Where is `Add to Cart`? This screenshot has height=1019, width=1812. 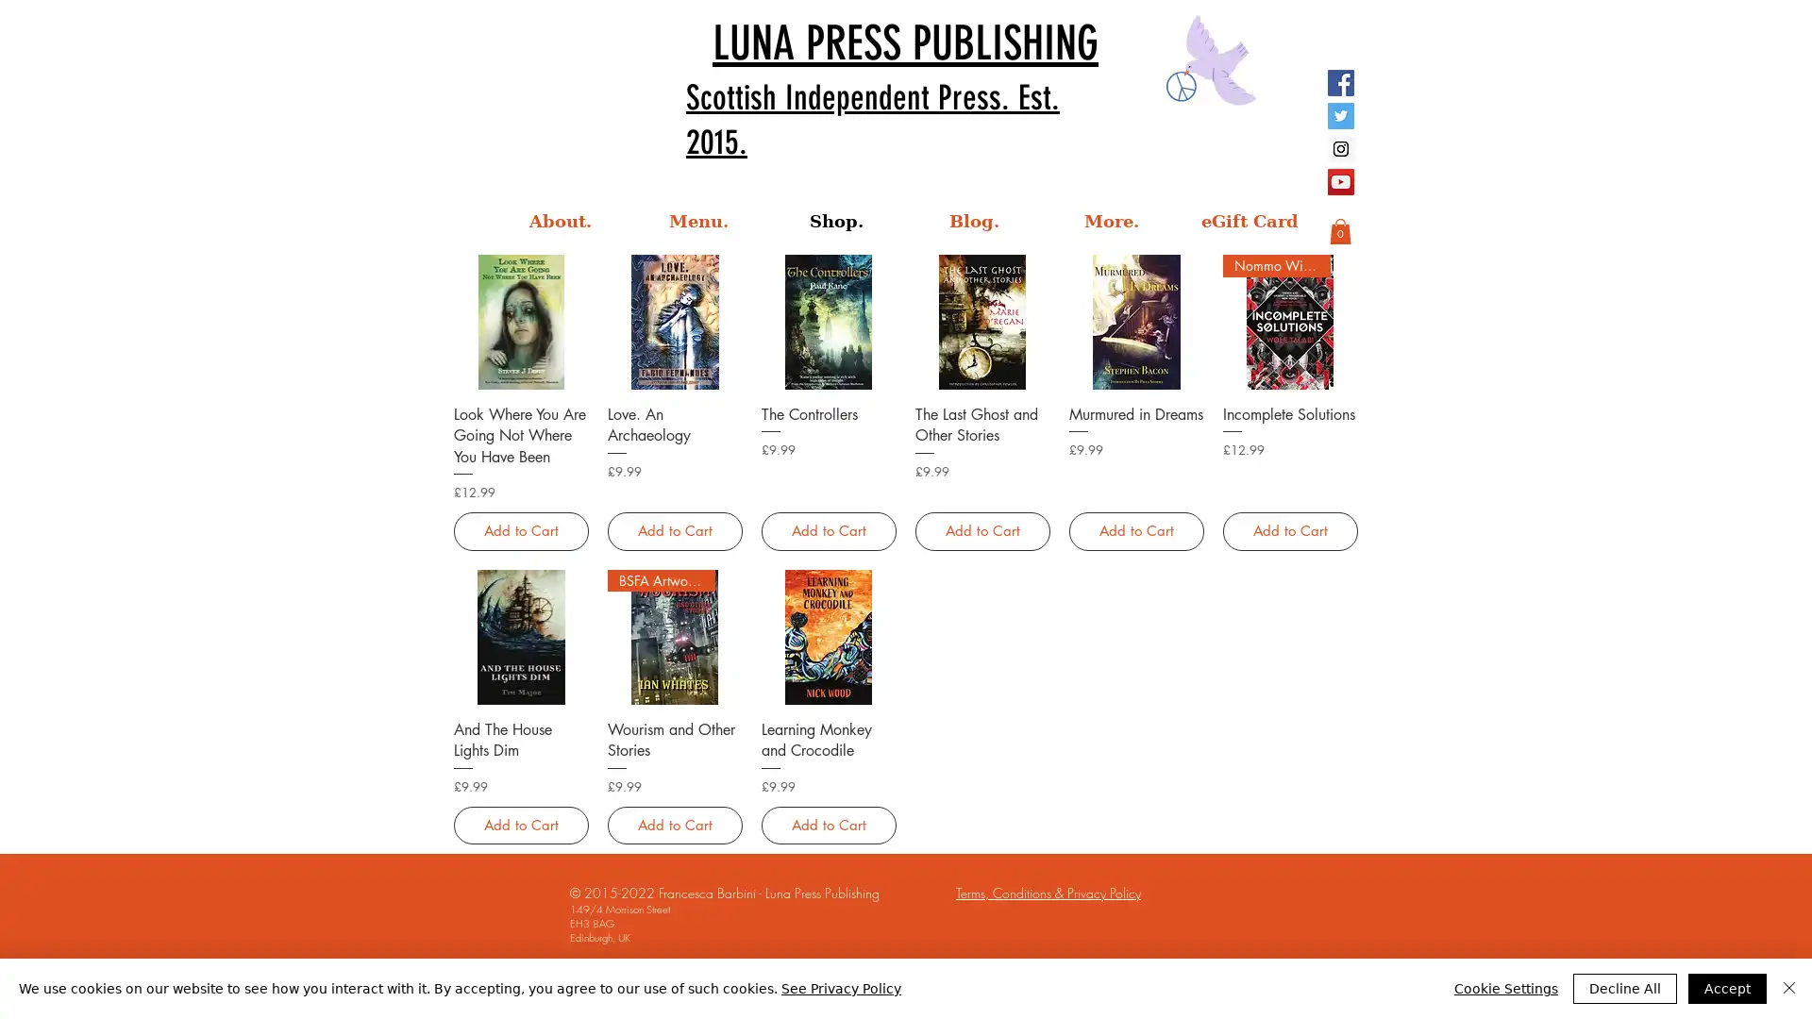
Add to Cart is located at coordinates (674, 531).